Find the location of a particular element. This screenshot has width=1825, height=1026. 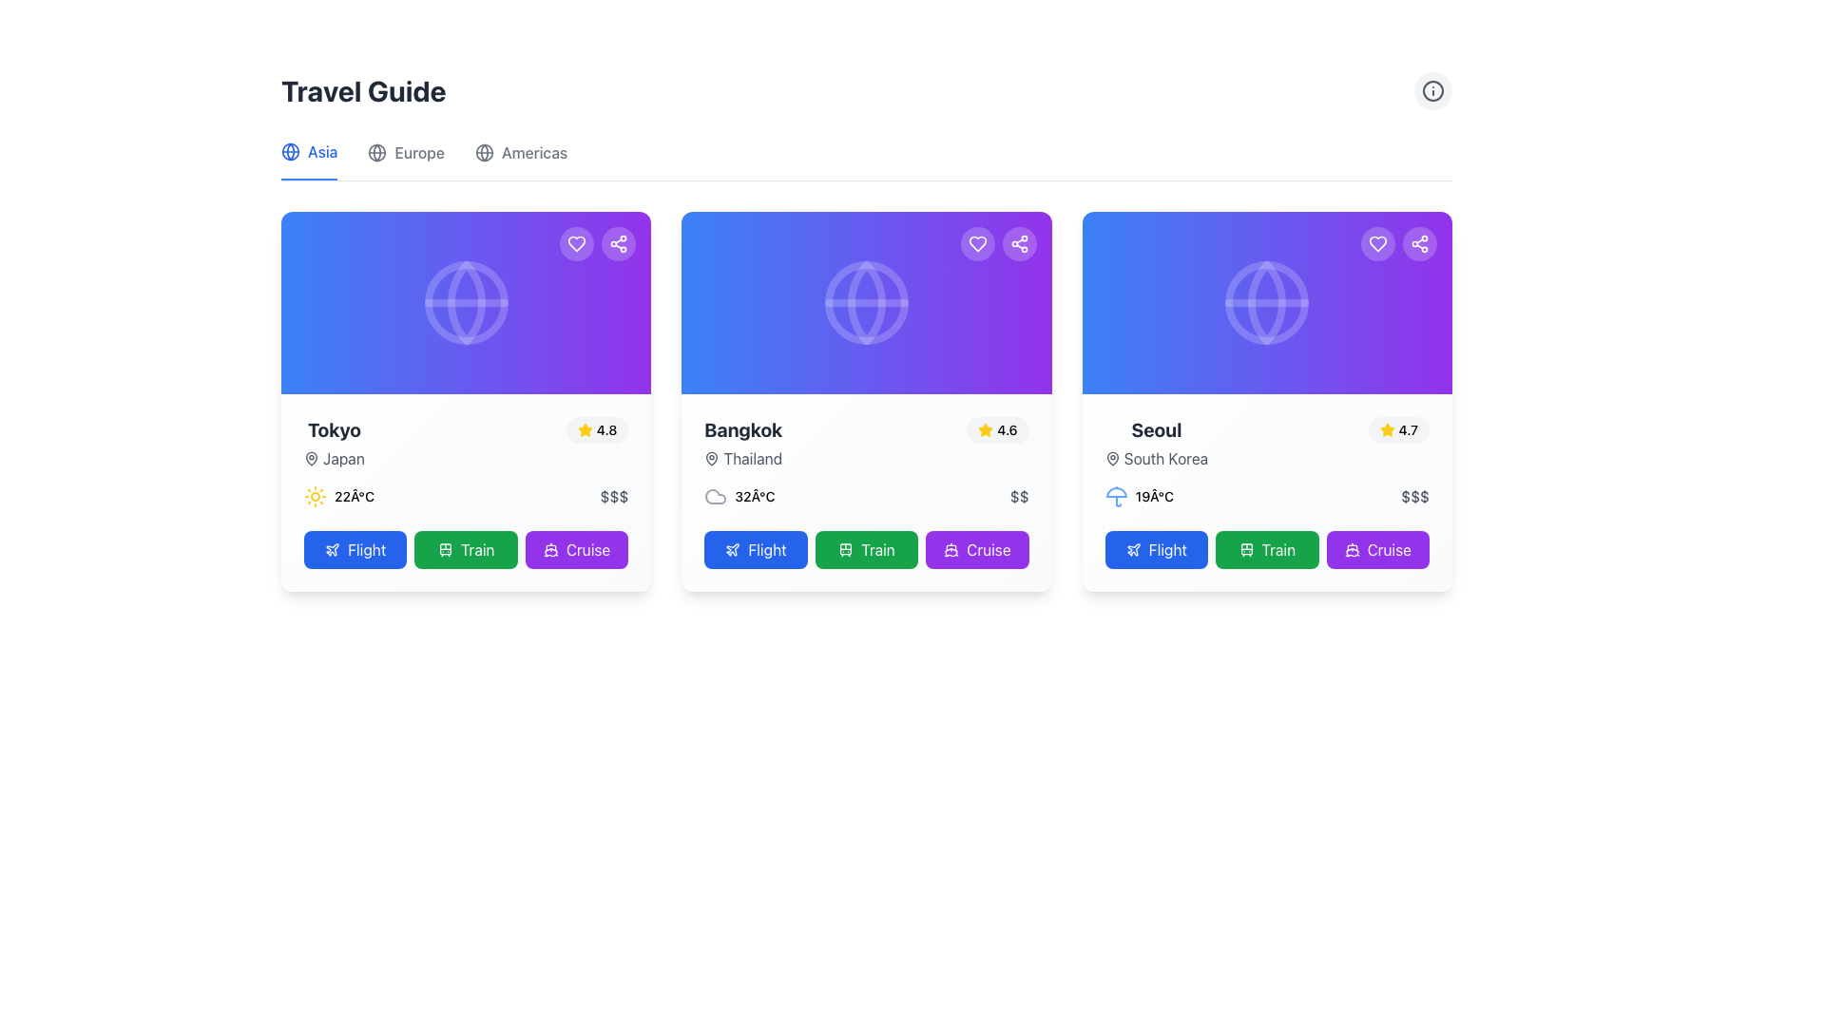

the 'Cruise' button located at the bottom of the 'Tokyo' card to interact with cruise options is located at coordinates (575, 549).